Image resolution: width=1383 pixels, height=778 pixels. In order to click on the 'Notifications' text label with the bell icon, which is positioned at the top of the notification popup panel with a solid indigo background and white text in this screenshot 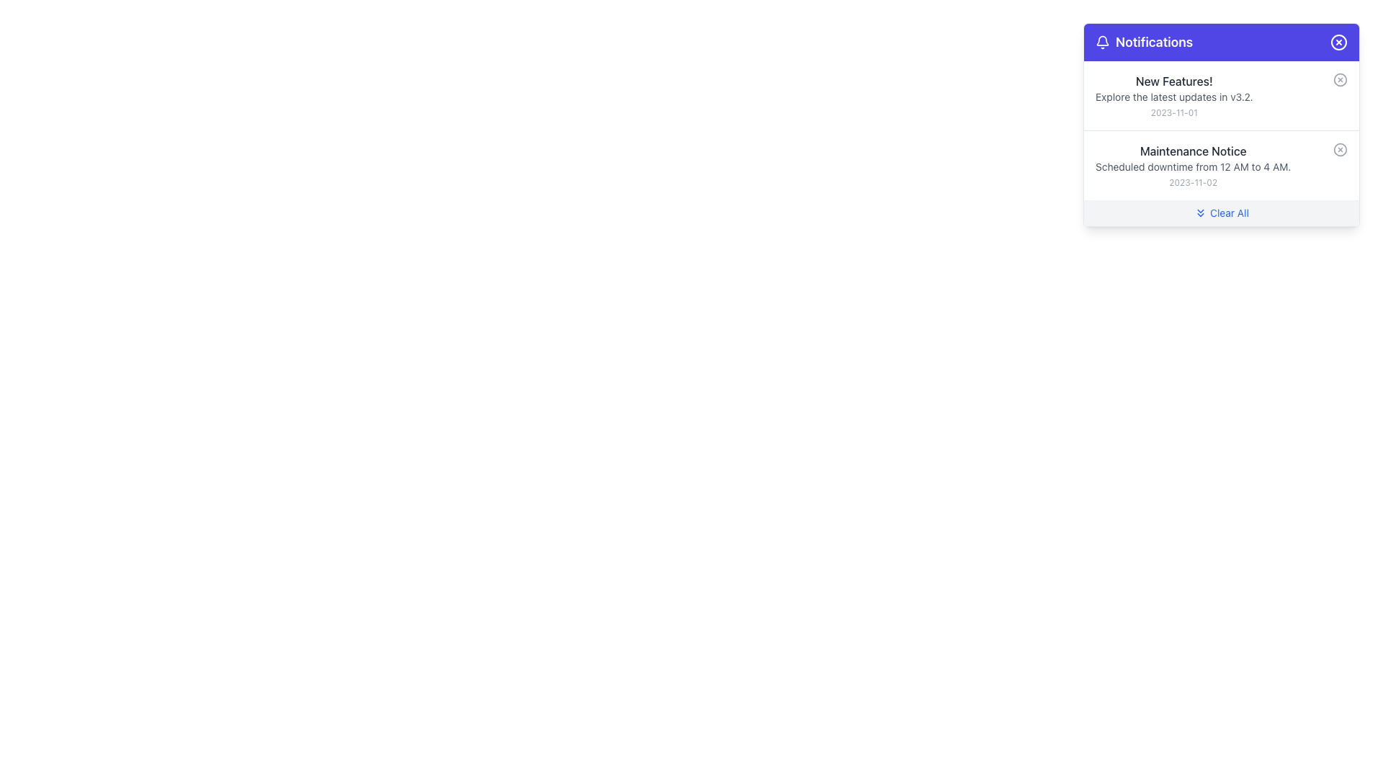, I will do `click(1143, 41)`.